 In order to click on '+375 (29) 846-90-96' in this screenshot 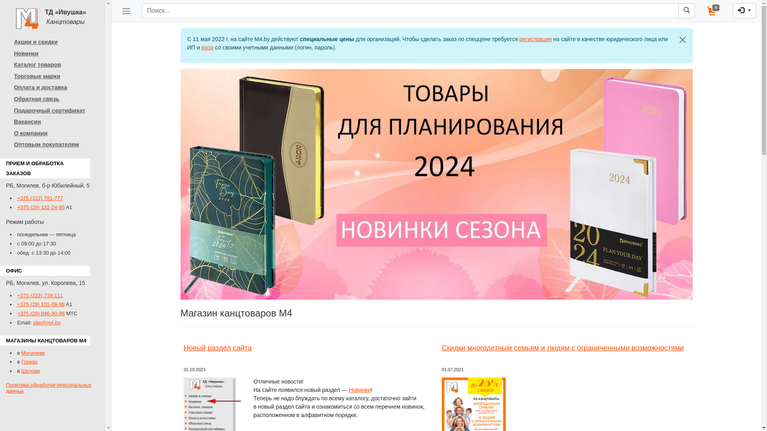, I will do `click(40, 313)`.